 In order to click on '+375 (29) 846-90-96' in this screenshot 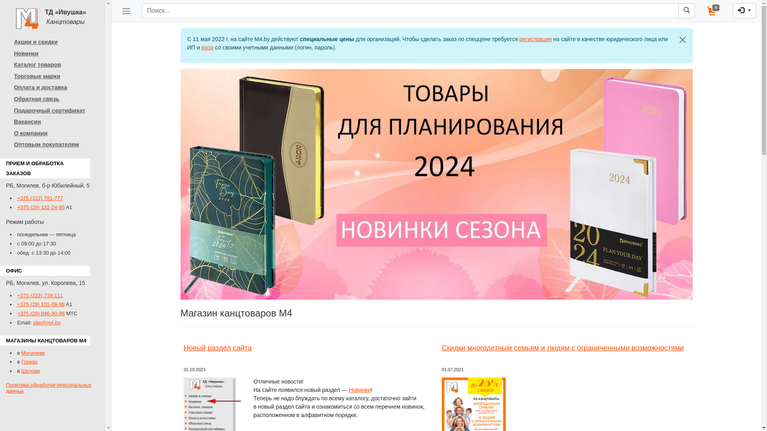, I will do `click(40, 313)`.